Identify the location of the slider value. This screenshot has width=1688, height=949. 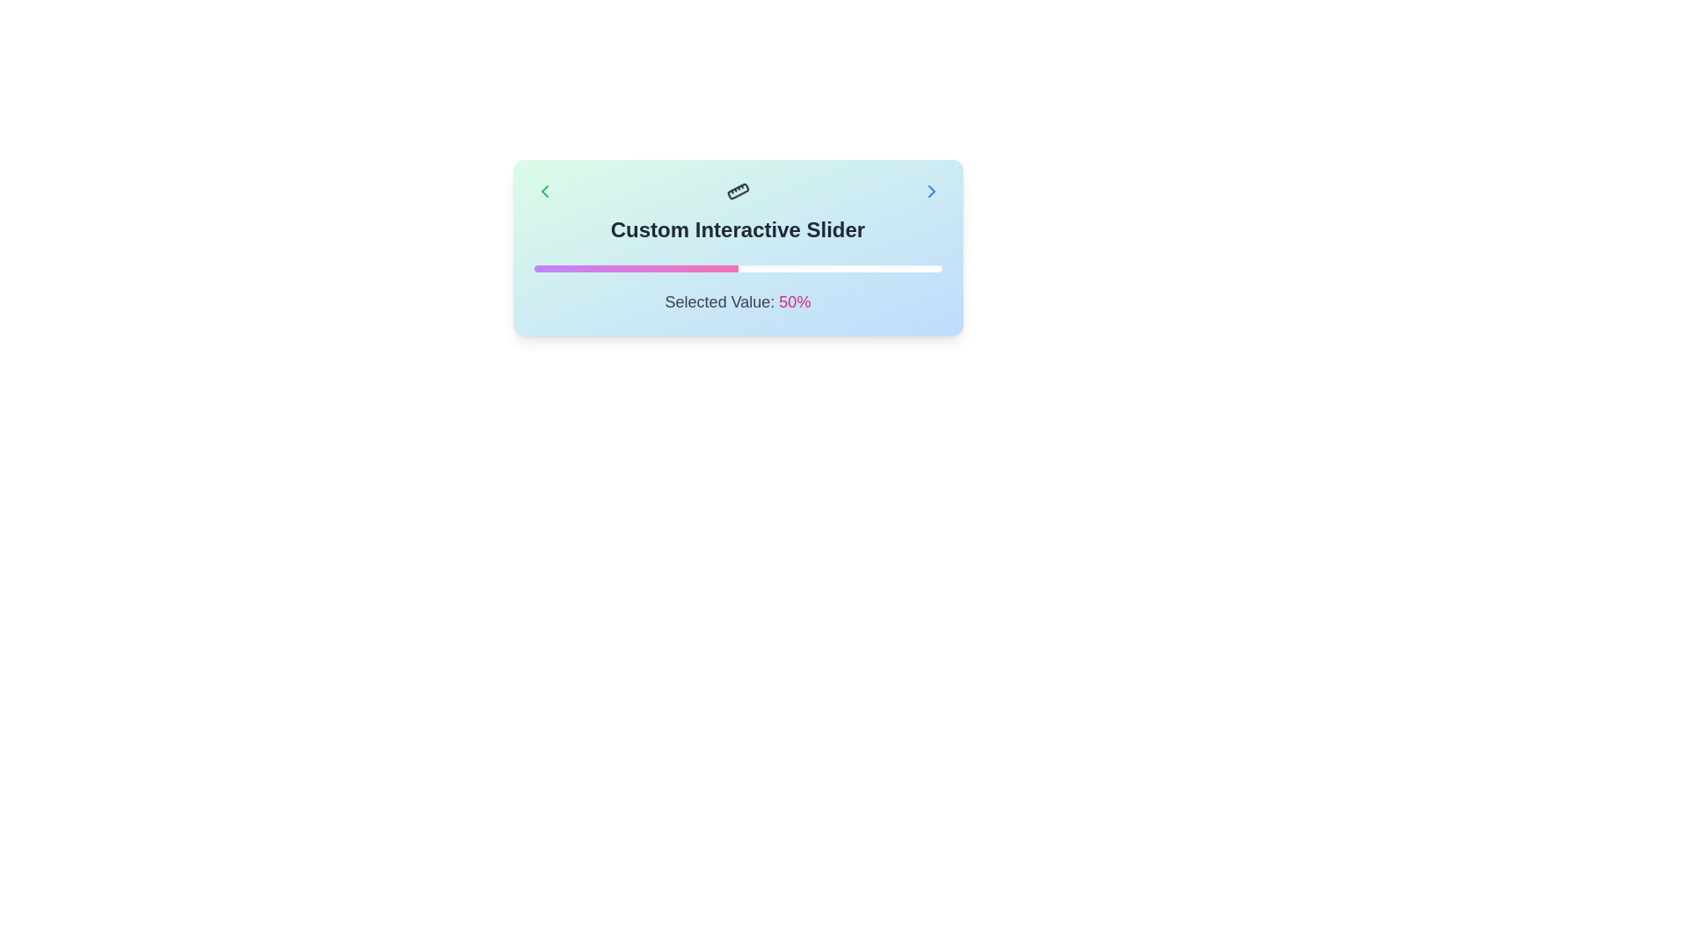
(717, 268).